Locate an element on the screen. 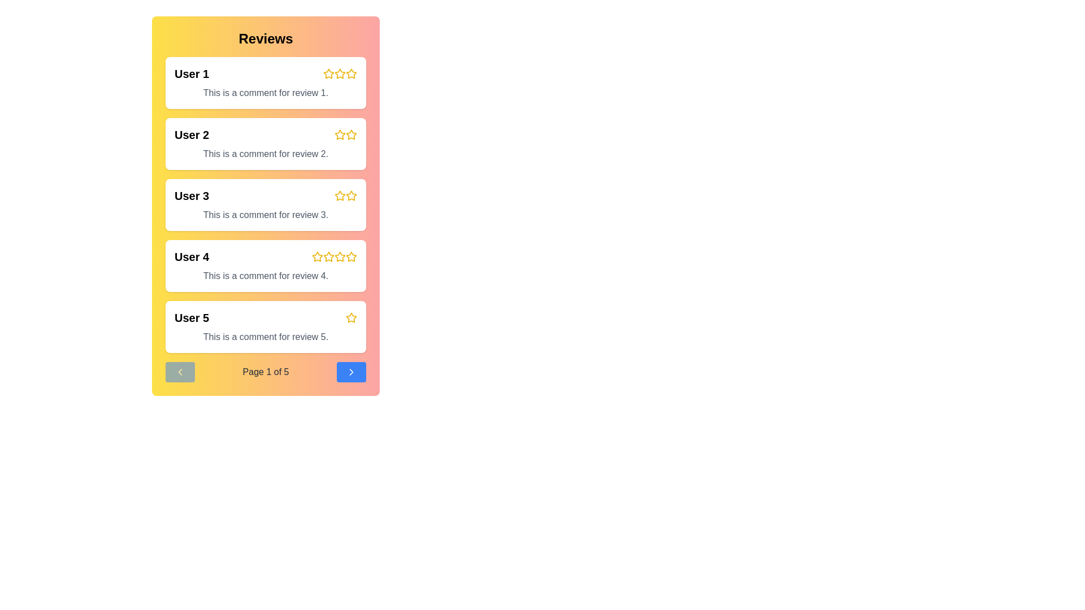  the fourth star is located at coordinates (350, 256).